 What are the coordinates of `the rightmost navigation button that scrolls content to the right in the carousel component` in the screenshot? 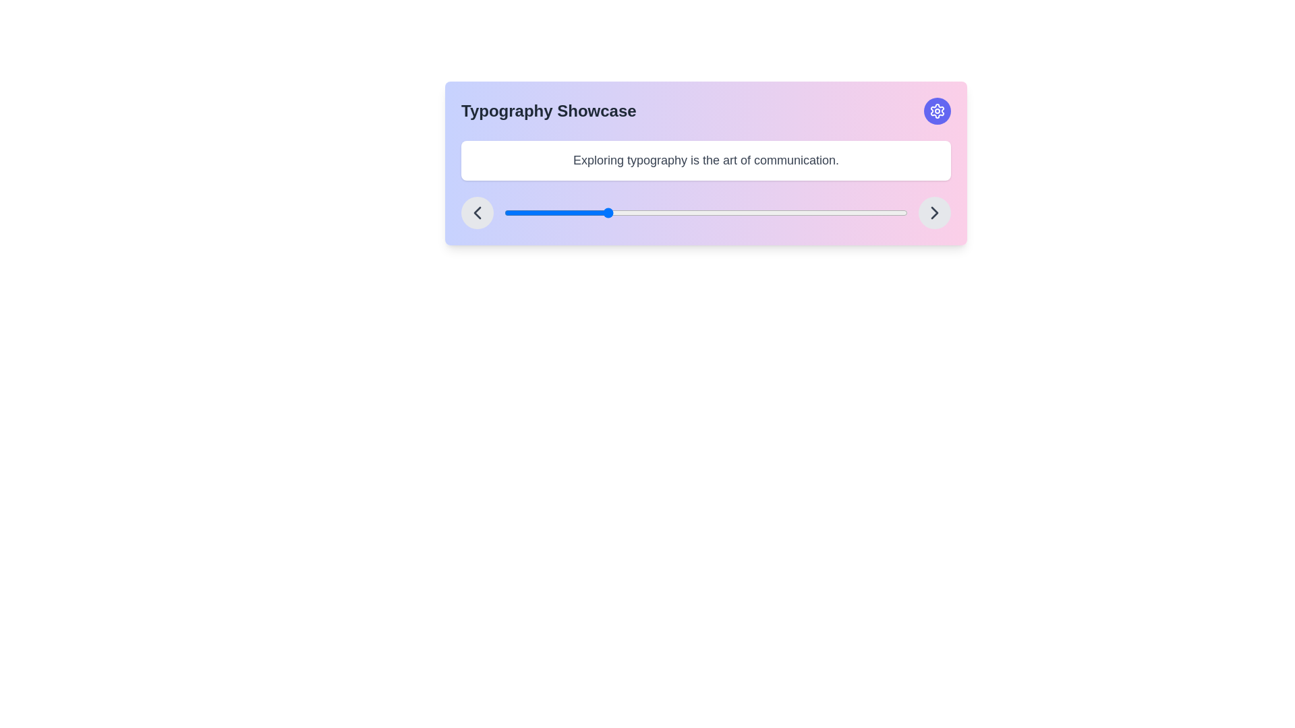 It's located at (934, 212).